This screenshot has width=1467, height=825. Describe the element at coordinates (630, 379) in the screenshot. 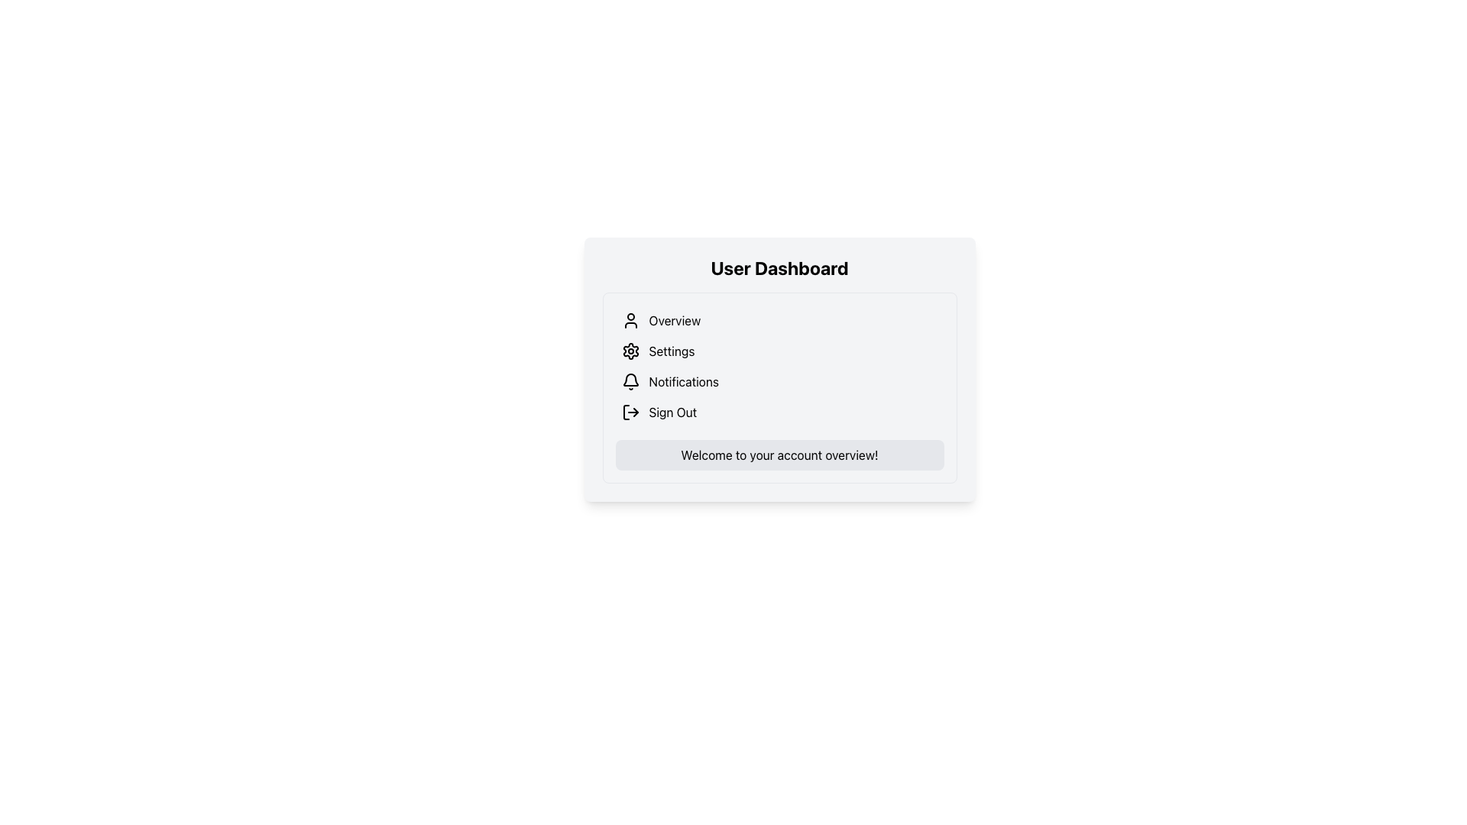

I see `the bell-shaped graphic representing the notifications feature in the dashboard interface` at that location.